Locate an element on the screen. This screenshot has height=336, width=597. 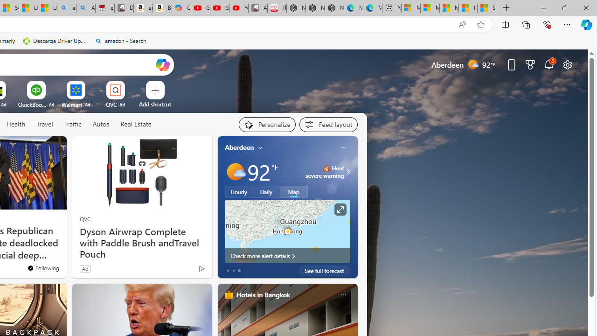
'tab-2' is located at coordinates (239, 270).